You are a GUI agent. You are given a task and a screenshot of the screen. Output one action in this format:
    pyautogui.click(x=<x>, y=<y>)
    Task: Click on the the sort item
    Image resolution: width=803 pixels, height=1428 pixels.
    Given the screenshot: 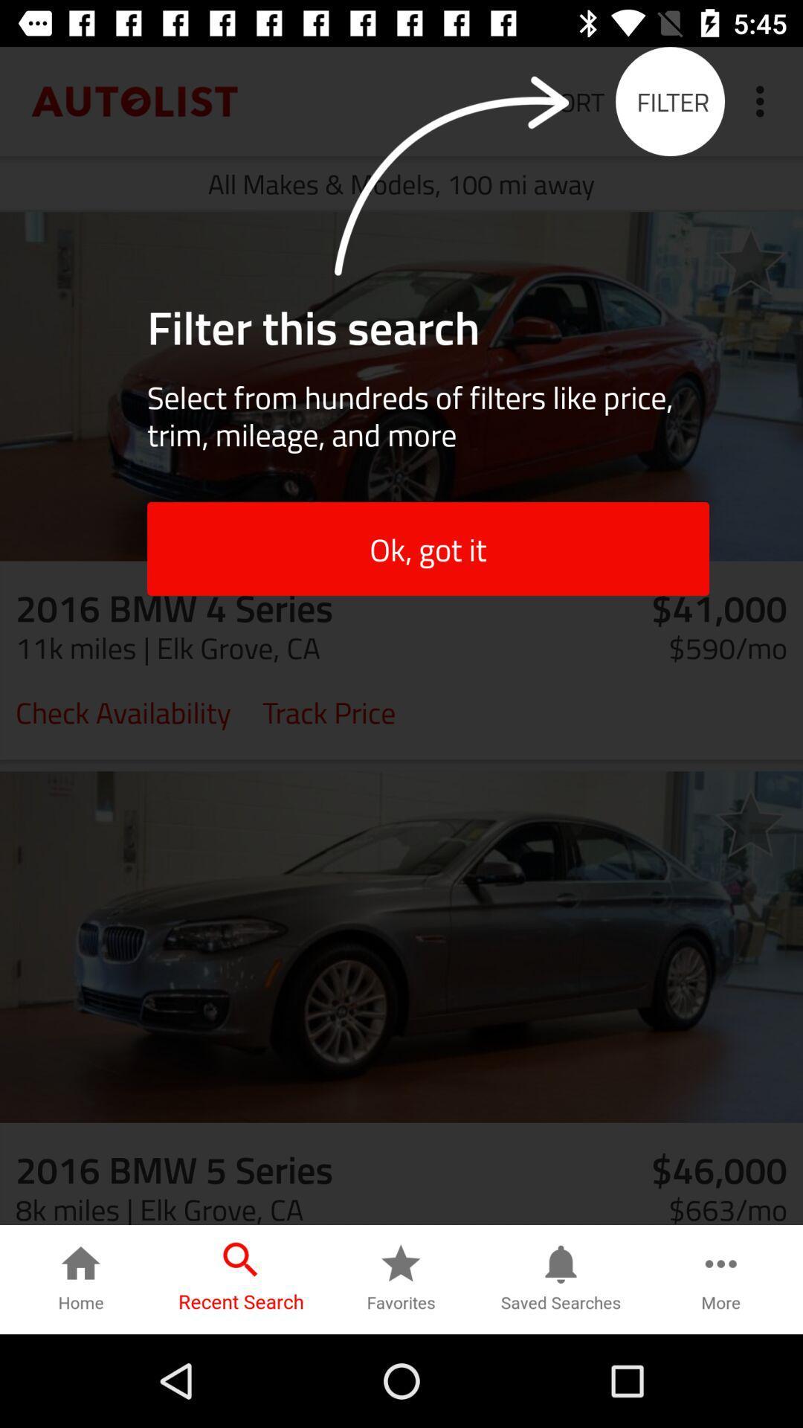 What is the action you would take?
    pyautogui.click(x=573, y=100)
    